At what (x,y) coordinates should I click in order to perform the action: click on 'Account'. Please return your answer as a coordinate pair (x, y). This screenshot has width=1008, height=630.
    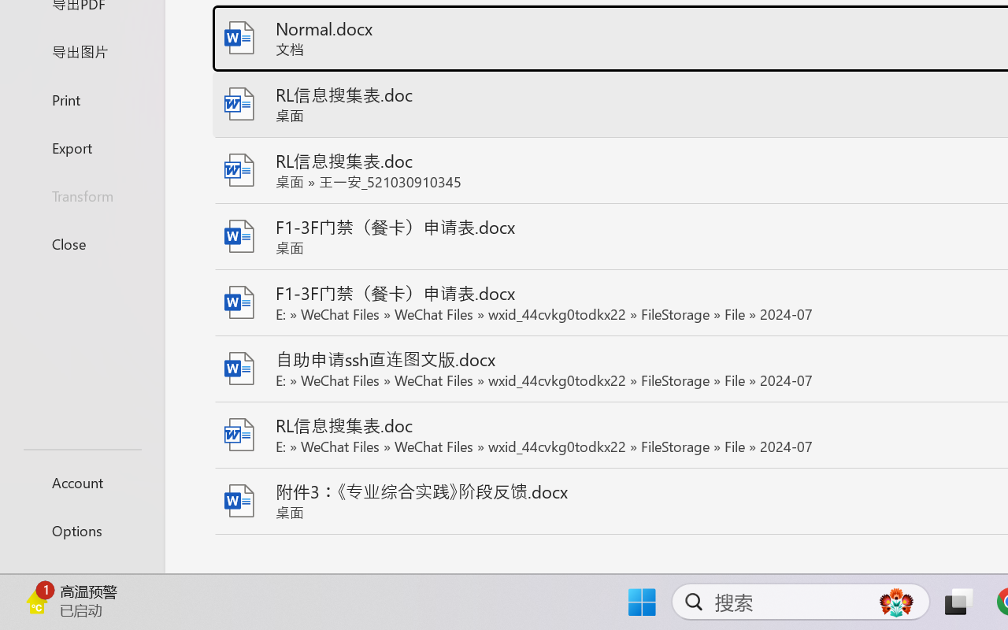
    Looking at the image, I should click on (81, 482).